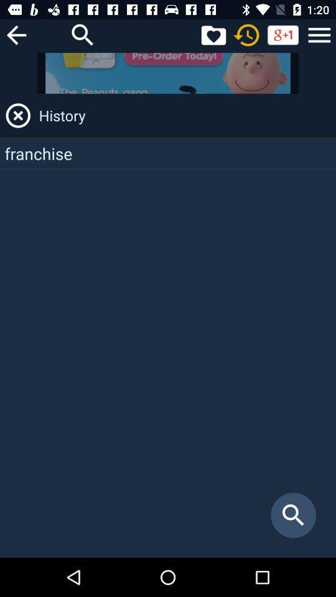 The width and height of the screenshot is (336, 597). I want to click on the search icon, so click(83, 34).